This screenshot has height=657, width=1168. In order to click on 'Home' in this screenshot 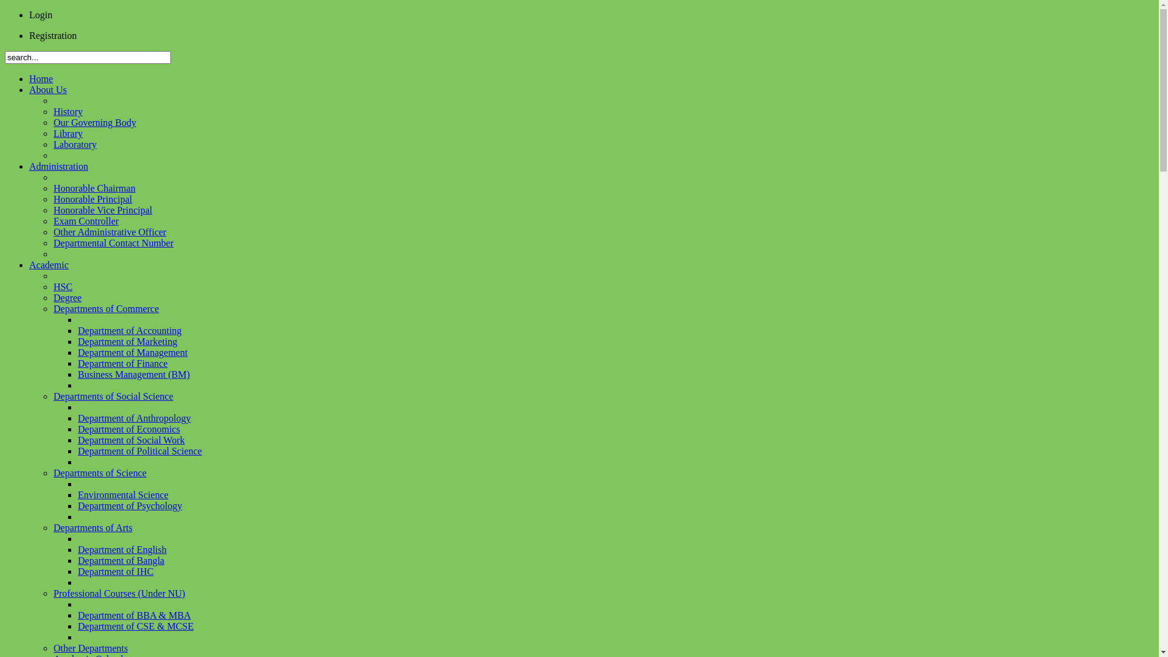, I will do `click(29, 78)`.